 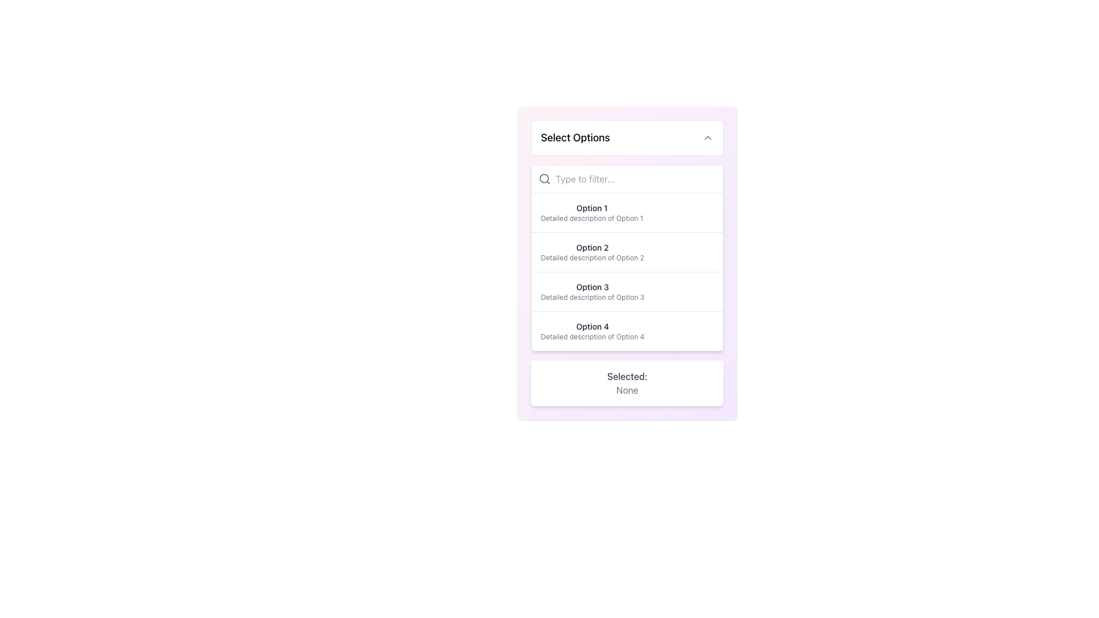 I want to click on the informational text reading 'Detailed description of Option 3', which is displayed below 'Option 3' in the dropdown menu titled 'Select Options', so click(x=592, y=297).